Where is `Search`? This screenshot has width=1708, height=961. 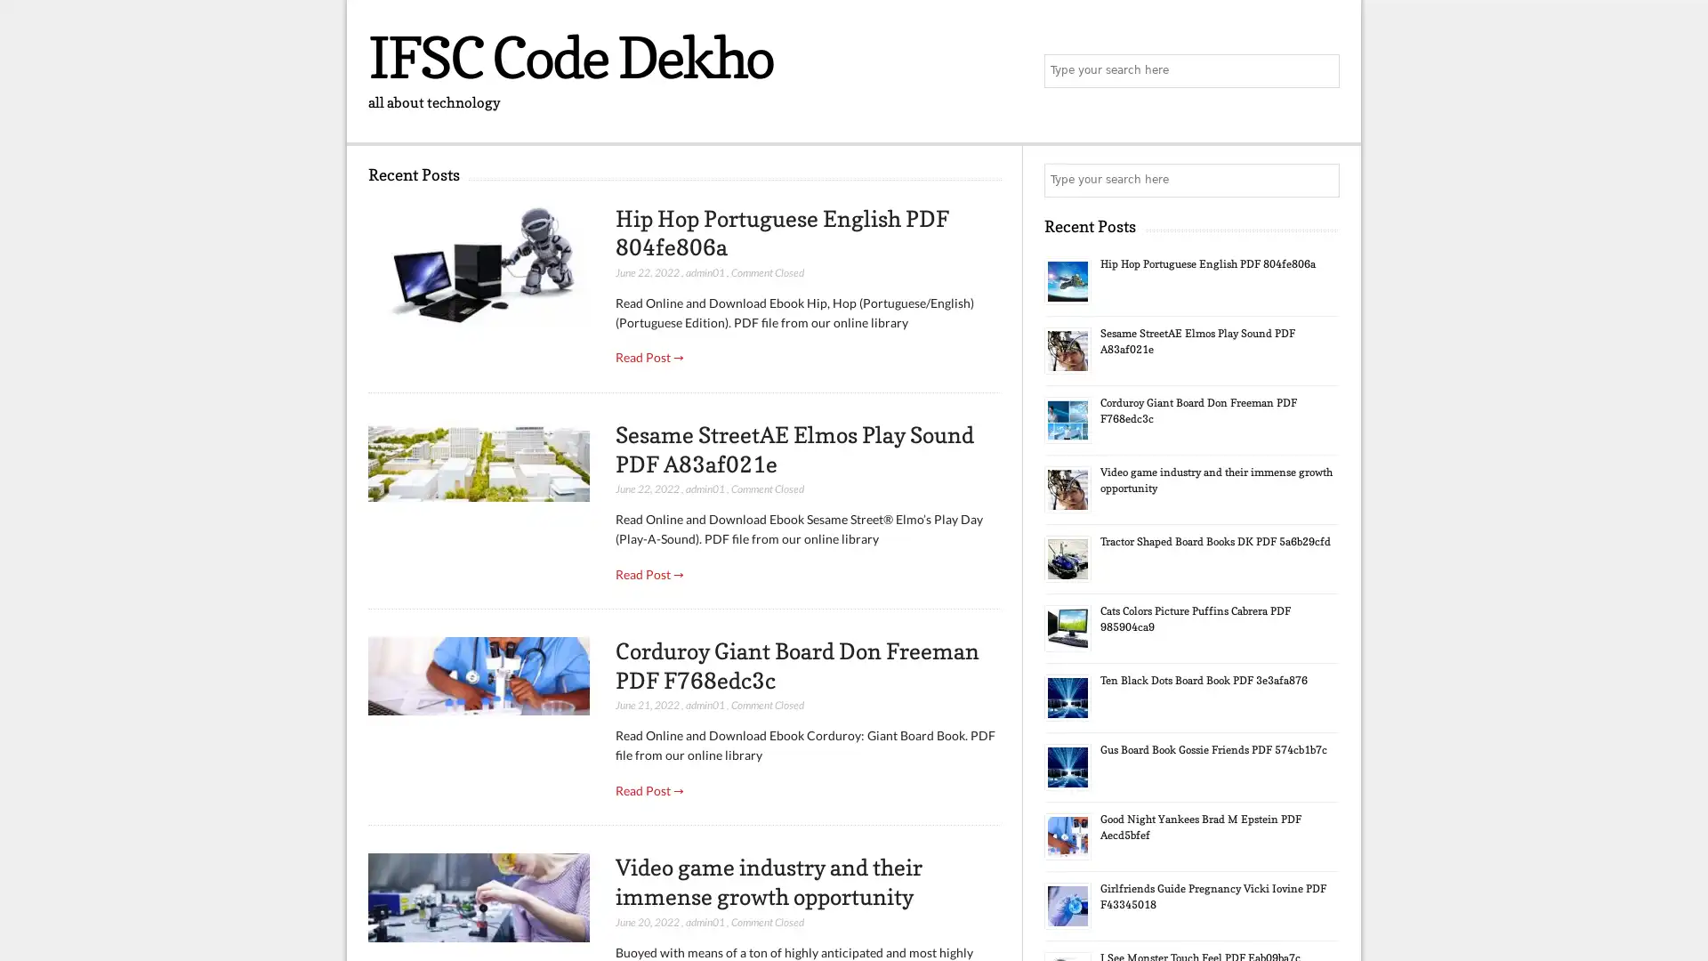 Search is located at coordinates (1321, 71).